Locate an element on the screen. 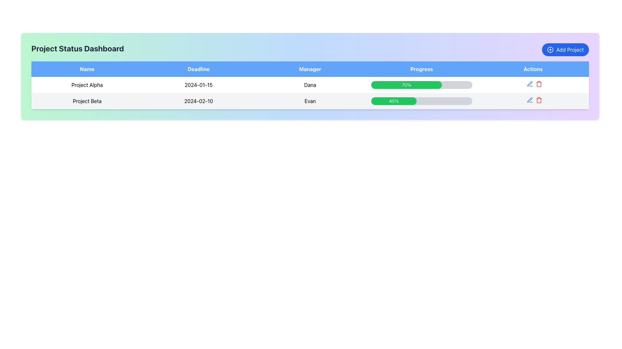  the blue pen icon button in the 'Actions' column of the second row to observe the styling change when hovered over is located at coordinates (530, 83).